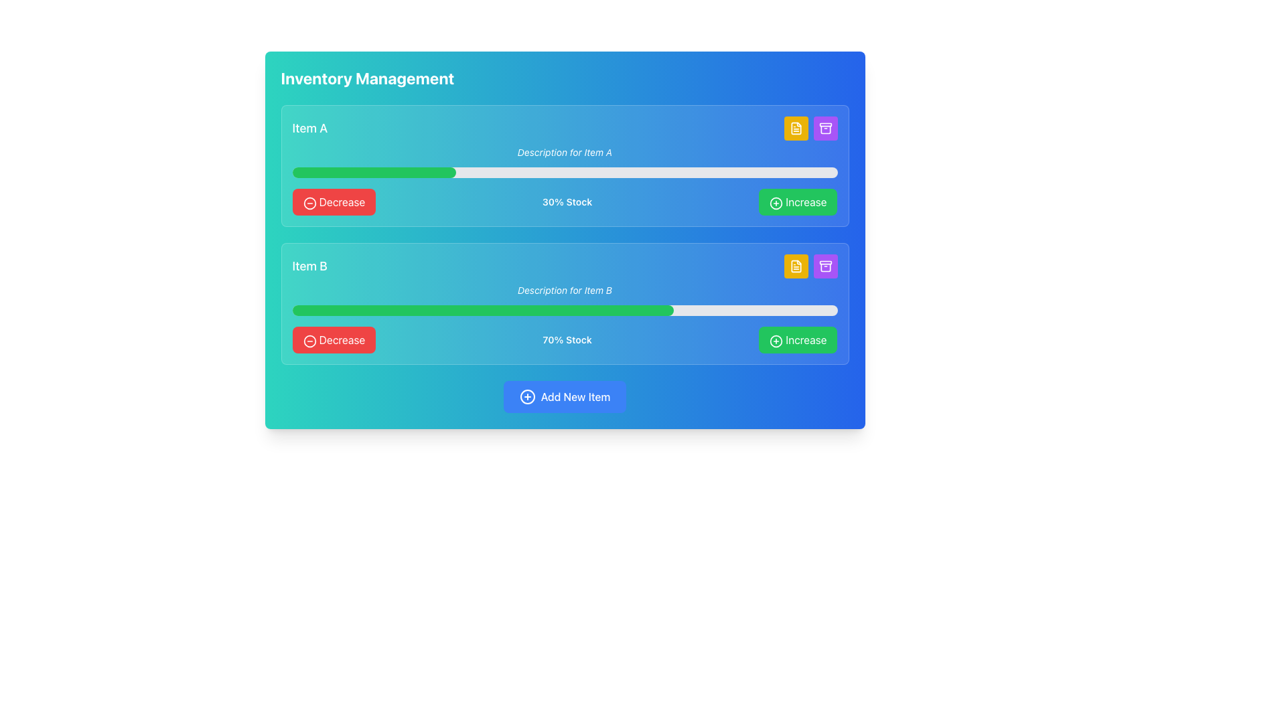 Image resolution: width=1286 pixels, height=723 pixels. What do you see at coordinates (526, 396) in the screenshot?
I see `the circular icon associated with the 'Add New Item' button, which is located on the left side of the button text` at bounding box center [526, 396].